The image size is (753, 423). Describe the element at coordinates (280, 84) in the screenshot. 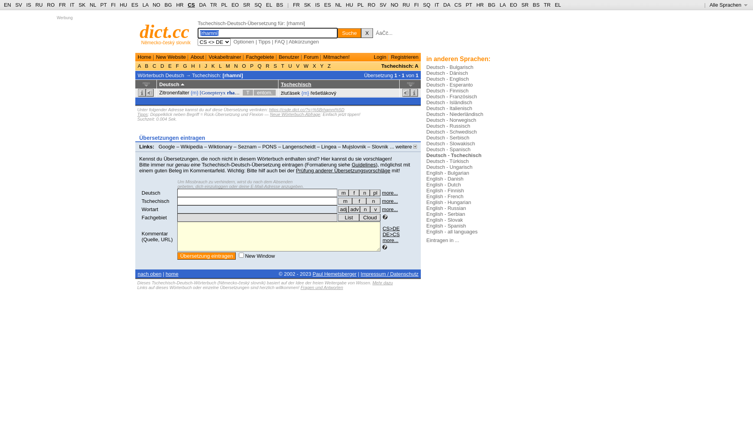

I see `'Tschechisch'` at that location.